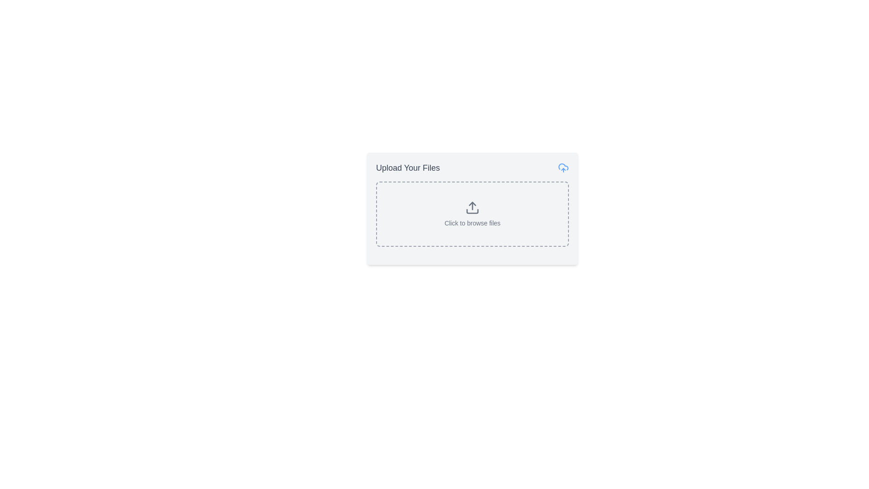  What do you see at coordinates (563, 168) in the screenshot?
I see `the cloud-shaped icon with an upward arrow, styled in blue, located to the right of the text 'Upload Your Files'` at bounding box center [563, 168].